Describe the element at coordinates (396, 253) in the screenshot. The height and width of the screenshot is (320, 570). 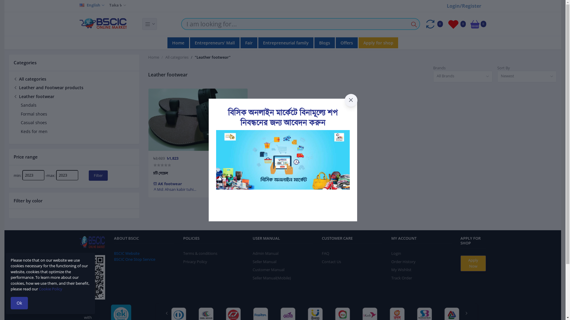
I see `'Login'` at that location.